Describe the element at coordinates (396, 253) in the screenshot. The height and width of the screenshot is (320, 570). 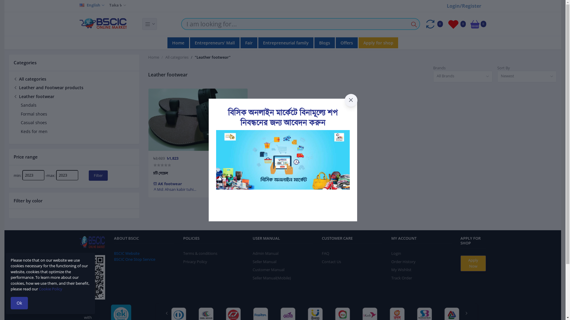
I see `'Login'` at that location.